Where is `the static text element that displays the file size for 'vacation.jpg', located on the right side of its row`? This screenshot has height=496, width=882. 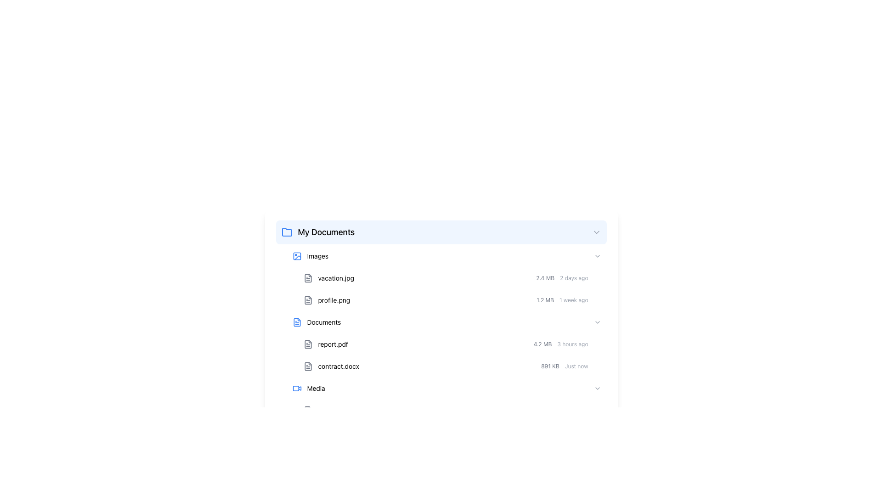 the static text element that displays the file size for 'vacation.jpg', located on the right side of its row is located at coordinates (545, 277).